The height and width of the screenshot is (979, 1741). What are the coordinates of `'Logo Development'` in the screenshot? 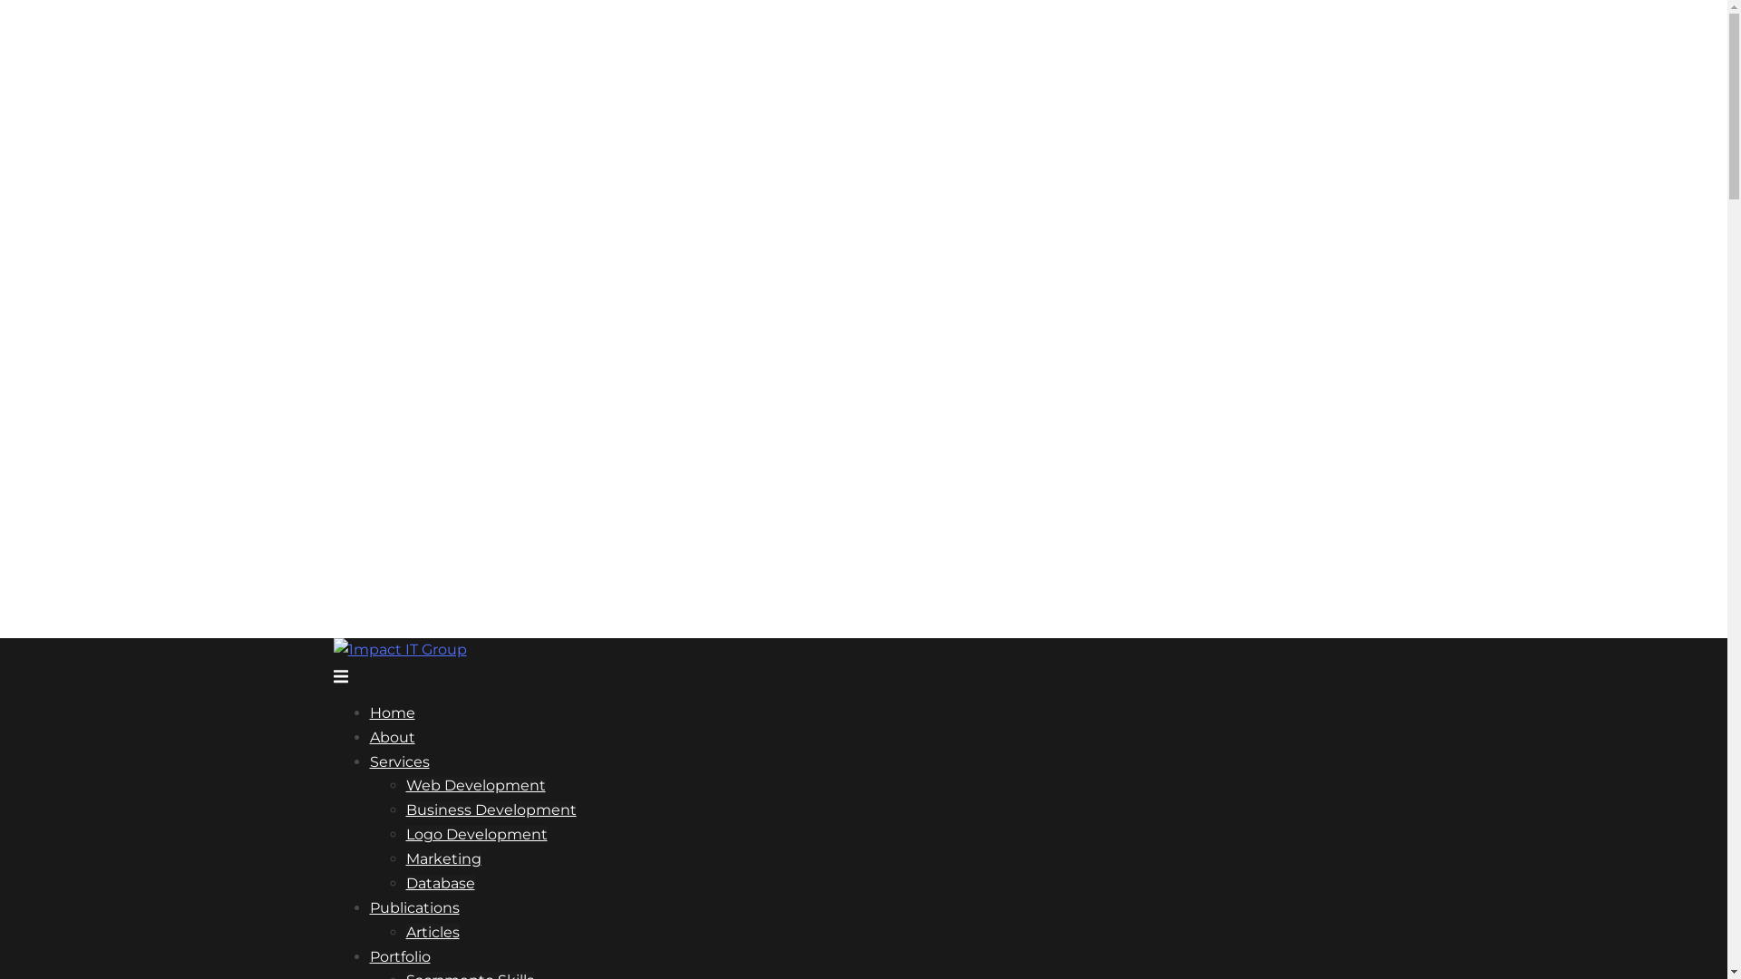 It's located at (477, 834).